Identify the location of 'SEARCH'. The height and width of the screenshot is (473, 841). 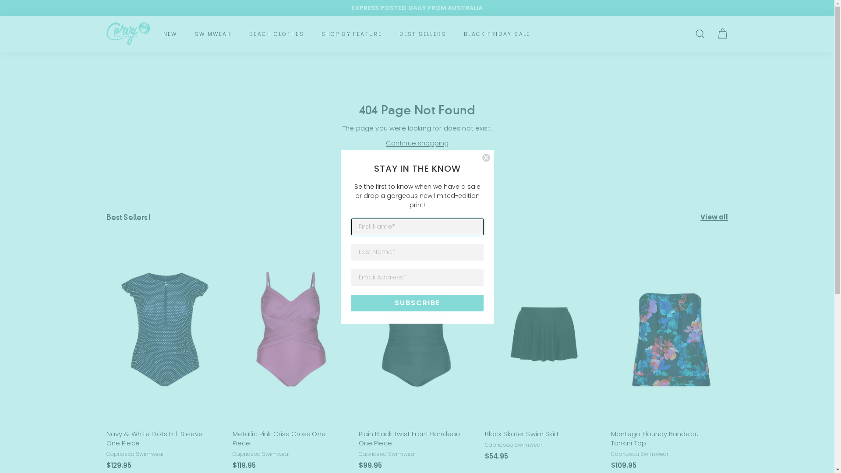
(689, 33).